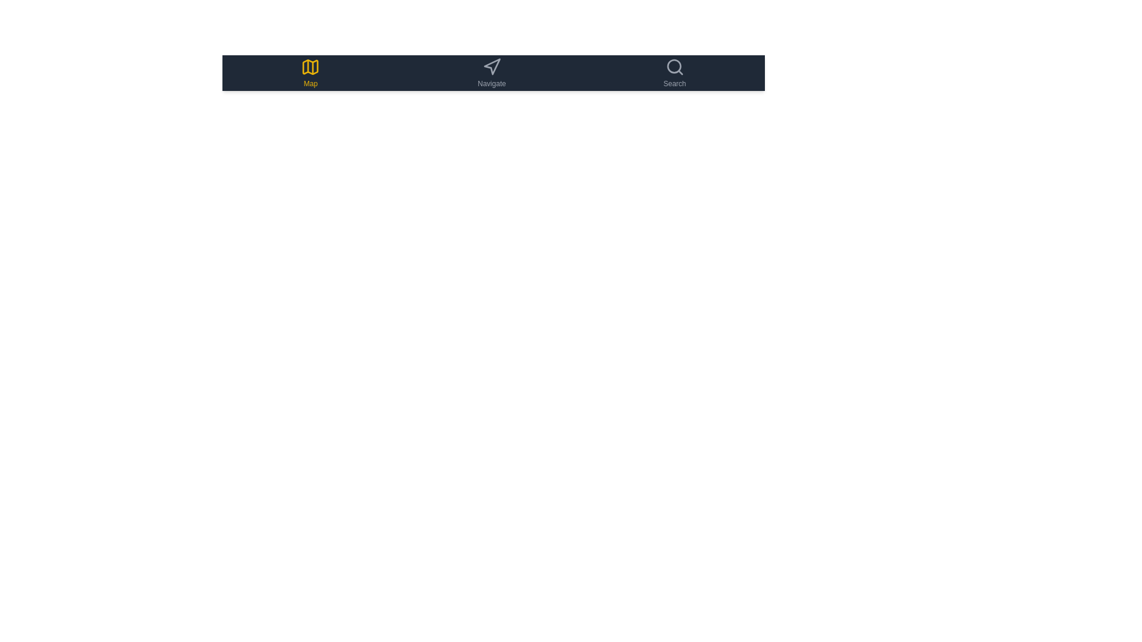 This screenshot has width=1142, height=642. I want to click on the 'Navigate' section of the navigation bar, so click(494, 73).